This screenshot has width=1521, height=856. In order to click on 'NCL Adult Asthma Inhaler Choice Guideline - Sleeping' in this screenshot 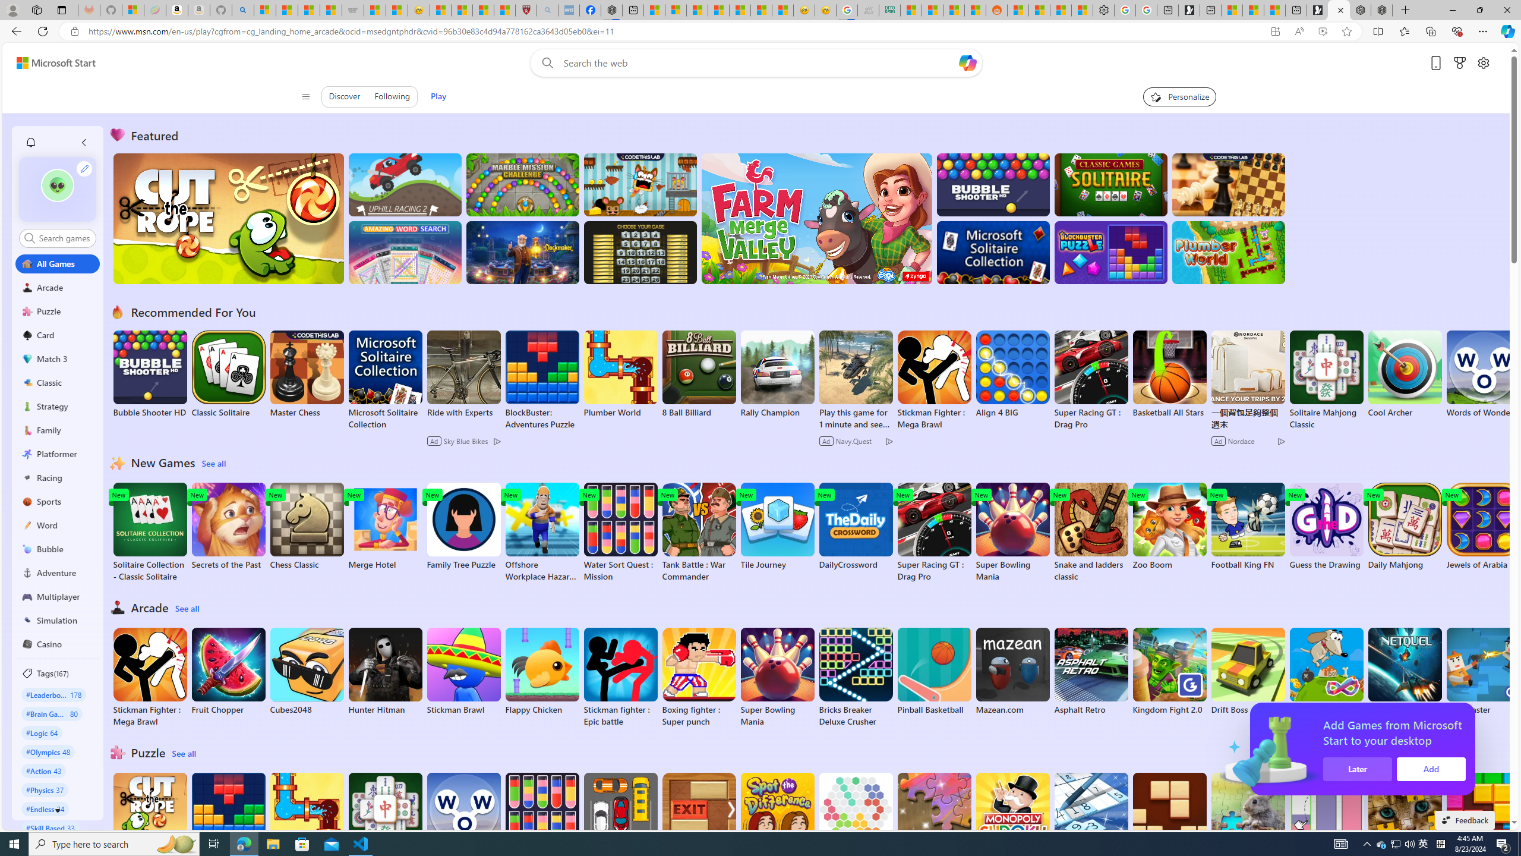, I will do `click(569, 10)`.